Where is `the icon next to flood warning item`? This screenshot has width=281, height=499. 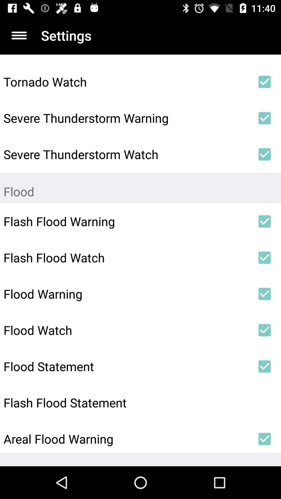
the icon next to flood warning item is located at coordinates (265, 294).